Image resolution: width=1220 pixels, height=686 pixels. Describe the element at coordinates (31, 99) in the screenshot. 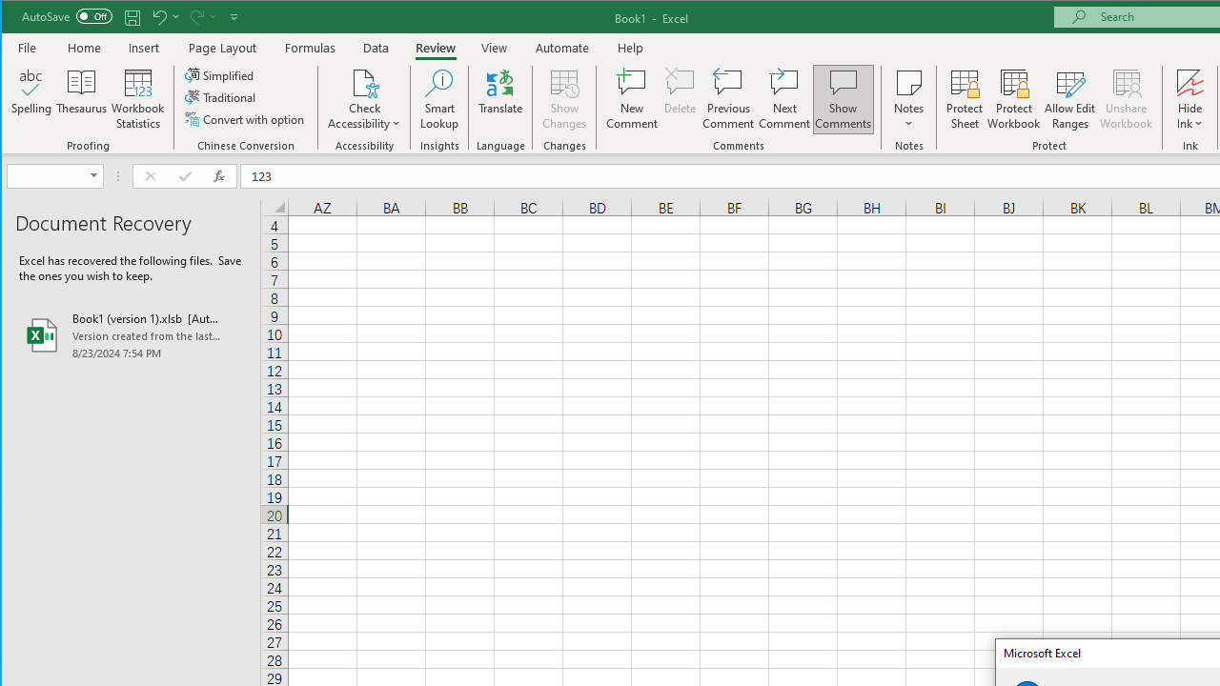

I see `'Spelling...'` at that location.